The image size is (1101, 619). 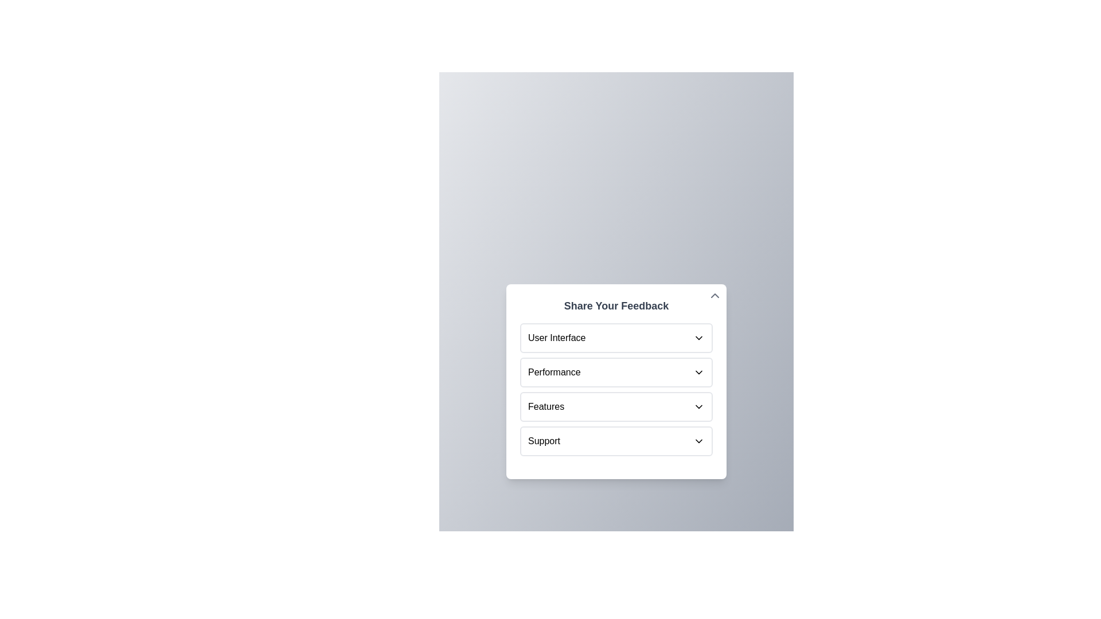 I want to click on the Dropdown button located in the middle section of the 'Share Your Feedback' list, so click(x=616, y=406).